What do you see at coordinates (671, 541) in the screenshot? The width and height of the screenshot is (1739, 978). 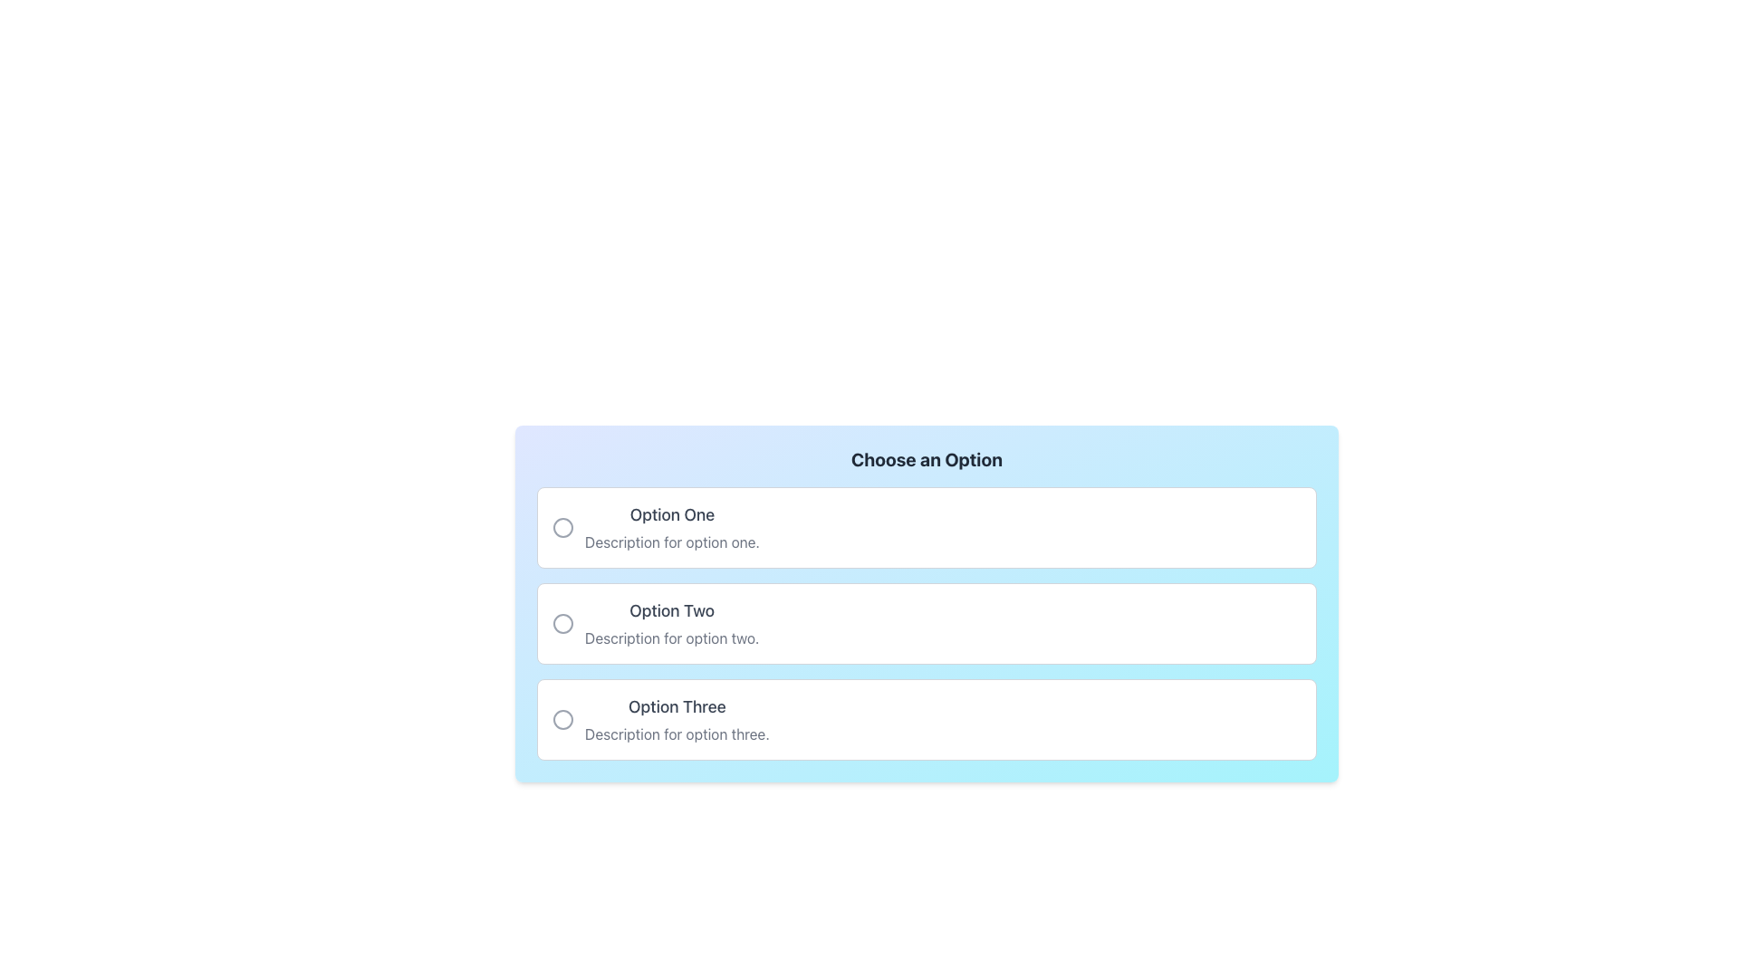 I see `the gray text labeled 'Description for option one.' located underneath the bold text 'Option One' in the first option of the vertical list` at bounding box center [671, 541].